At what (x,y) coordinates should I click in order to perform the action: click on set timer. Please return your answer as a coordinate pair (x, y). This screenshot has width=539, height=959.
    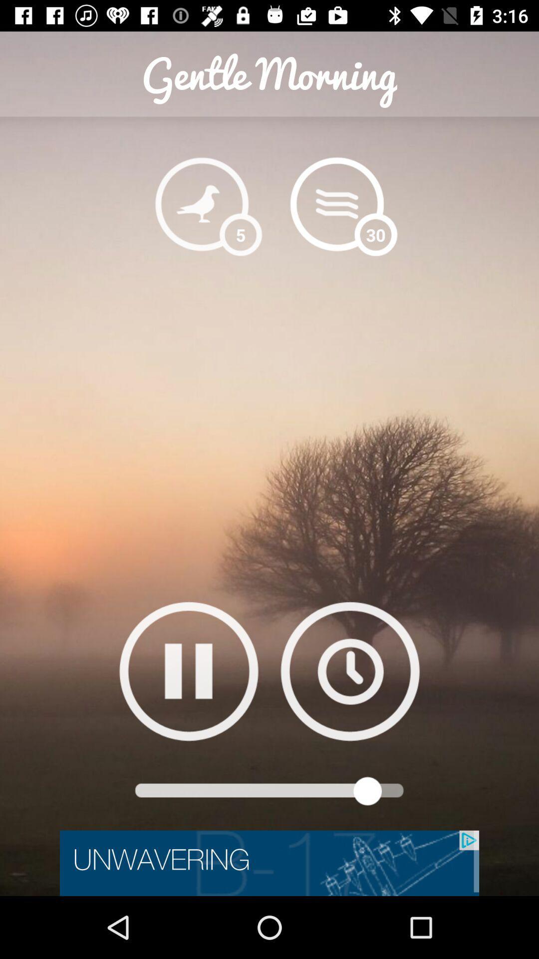
    Looking at the image, I should click on (349, 671).